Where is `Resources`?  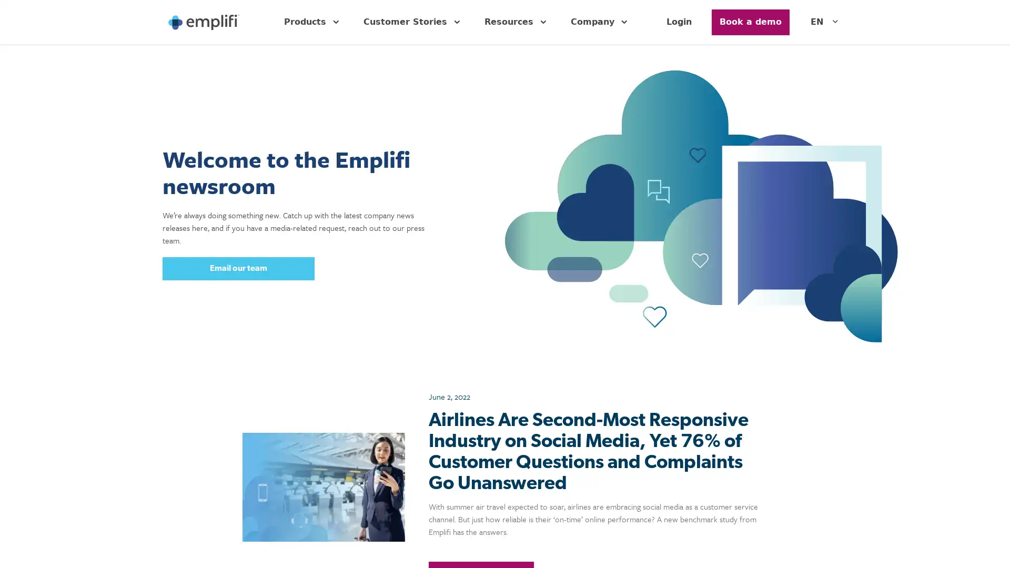 Resources is located at coordinates (517, 22).